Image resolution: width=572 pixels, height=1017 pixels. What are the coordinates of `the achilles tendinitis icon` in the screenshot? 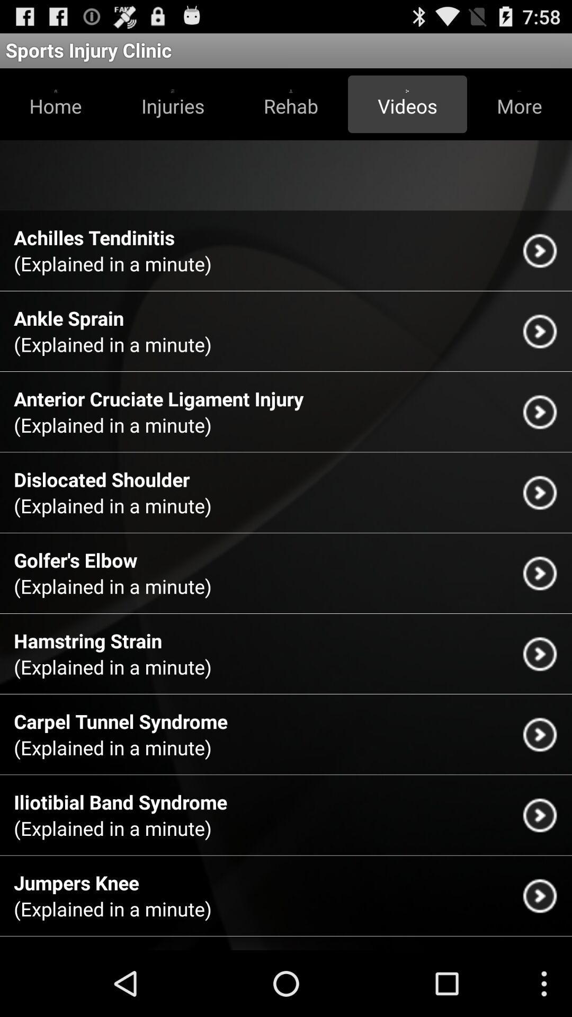 It's located at (94, 237).